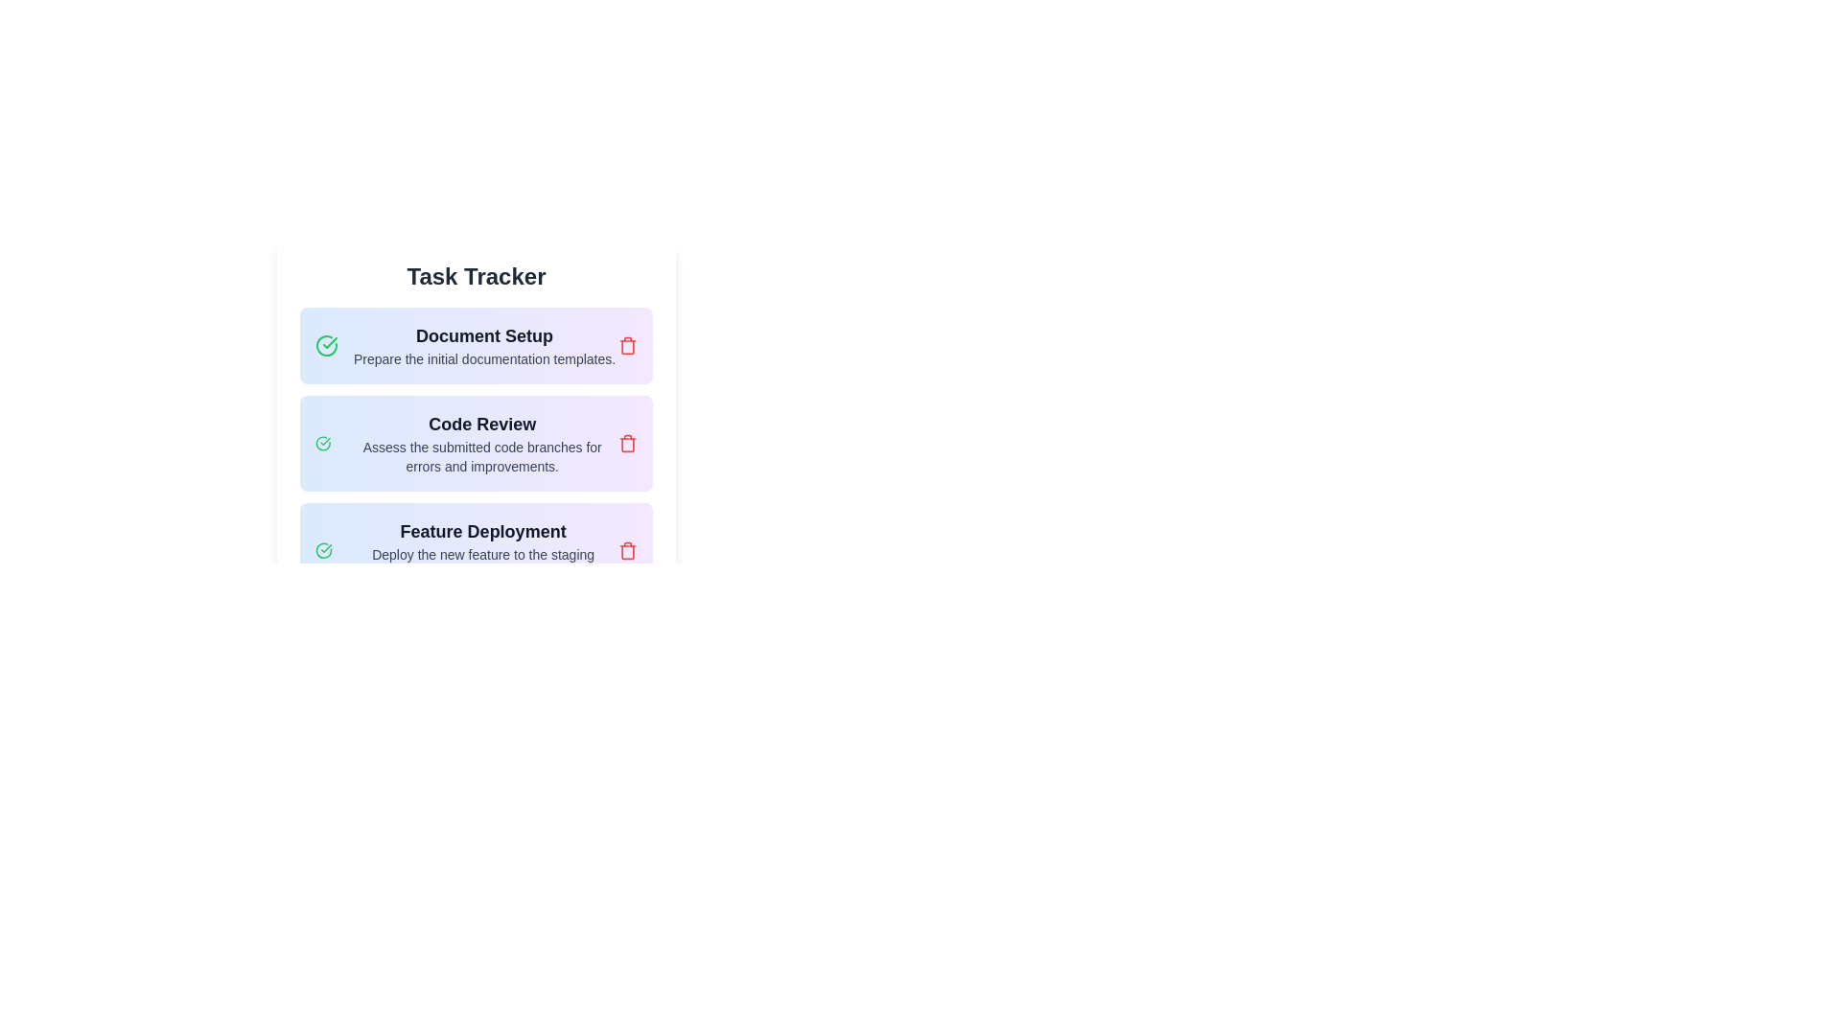  I want to click on the 'Code Review' text and description block, which is located in the middle of a vertical list of elements, so click(482, 443).